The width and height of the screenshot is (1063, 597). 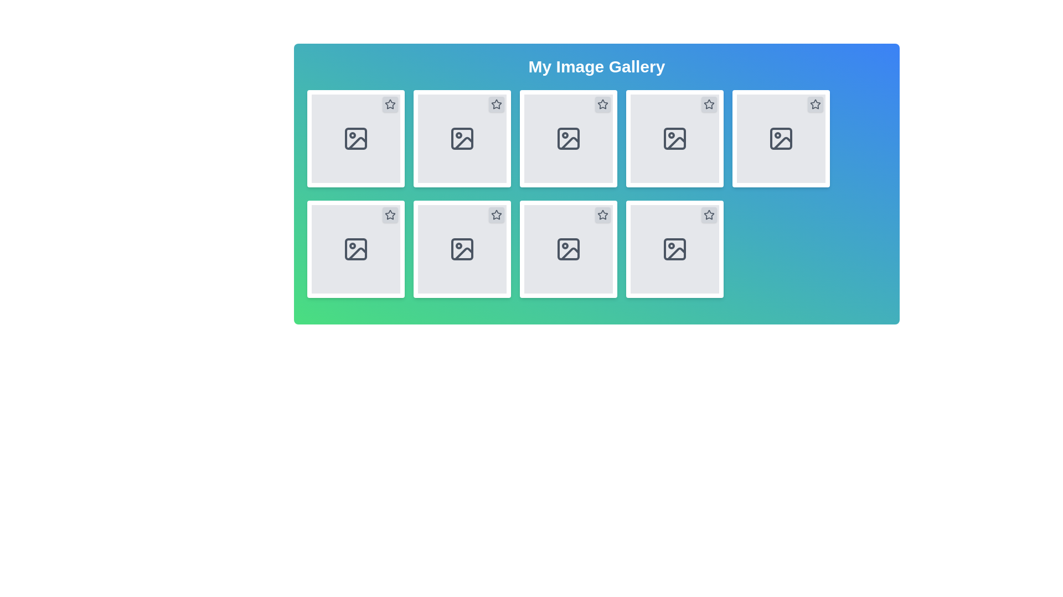 What do you see at coordinates (602, 104) in the screenshot?
I see `the star icon located in the top-right corner of the third image in the first row of the grid layout to mark or unmark it` at bounding box center [602, 104].